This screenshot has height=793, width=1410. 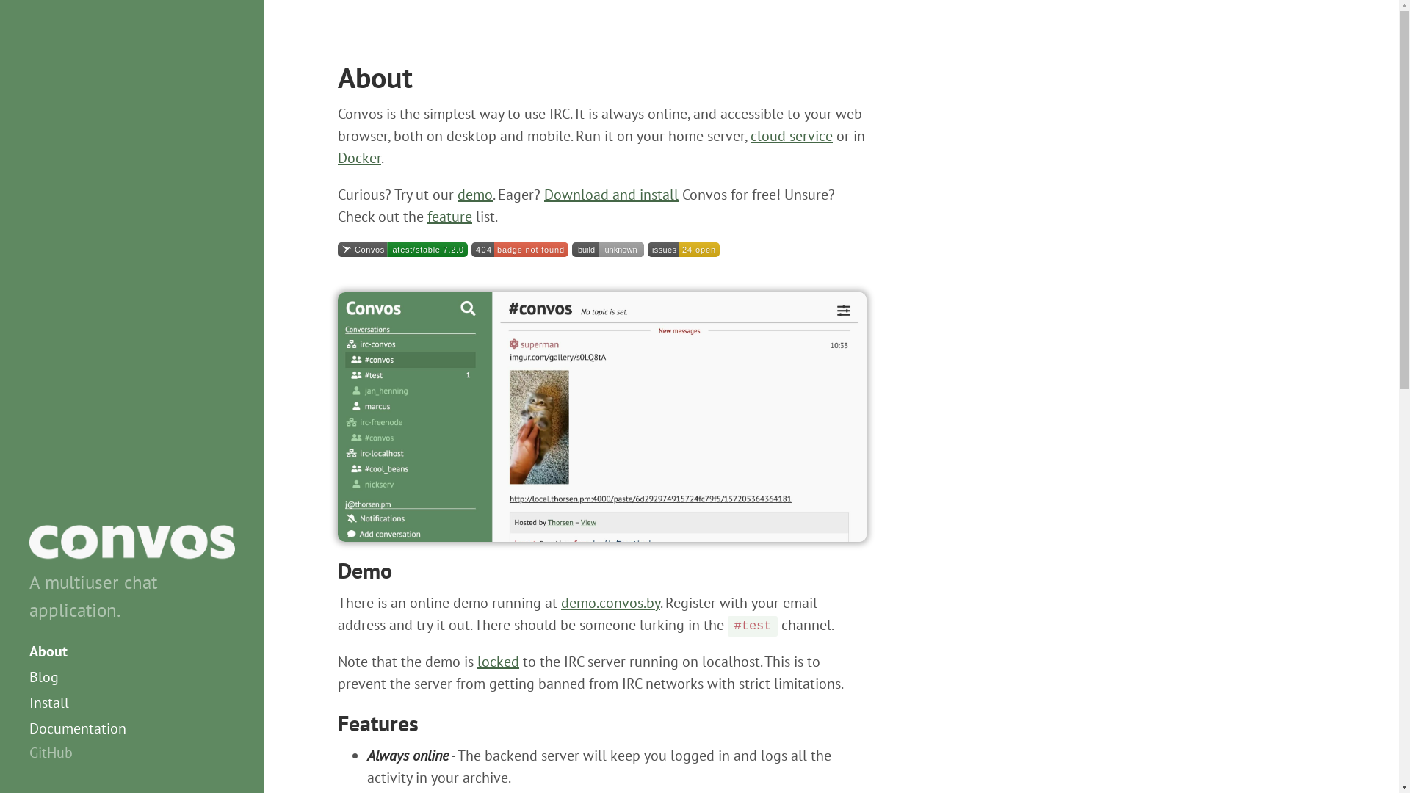 What do you see at coordinates (359, 158) in the screenshot?
I see `'Docker'` at bounding box center [359, 158].